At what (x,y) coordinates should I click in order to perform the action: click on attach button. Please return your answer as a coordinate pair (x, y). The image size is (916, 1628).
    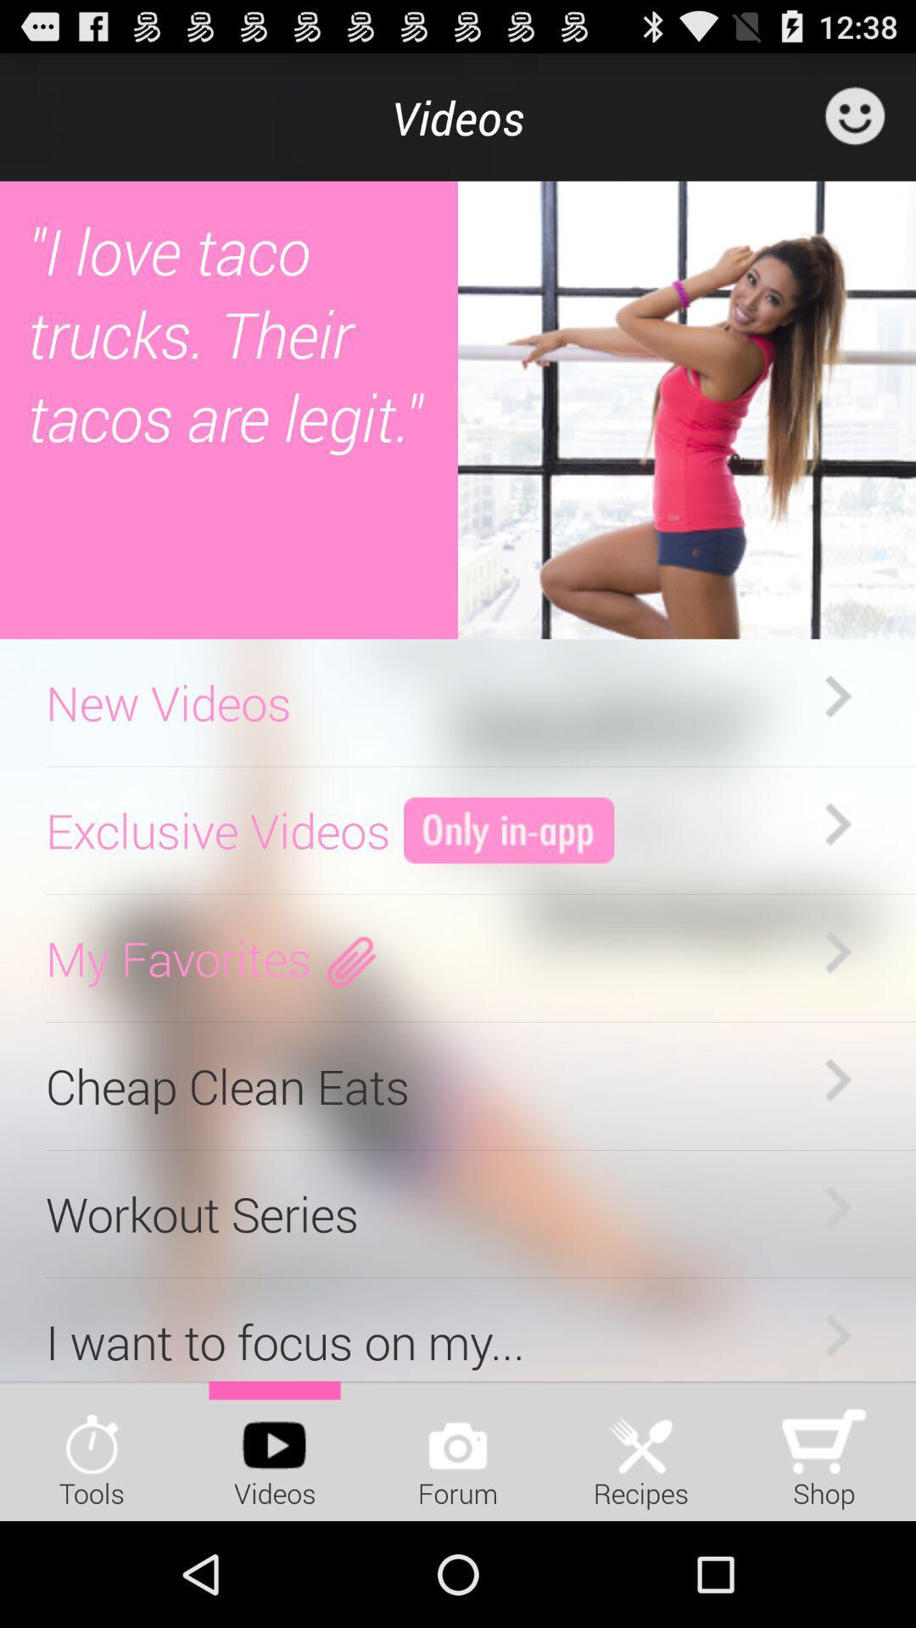
    Looking at the image, I should click on (351, 958).